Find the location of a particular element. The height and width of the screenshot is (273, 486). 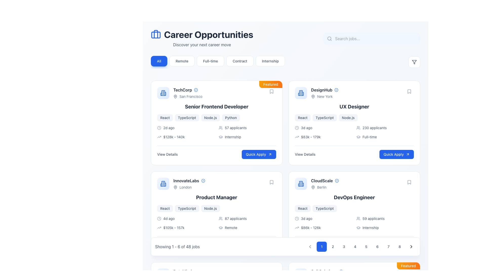

the circular button labeled '8' located in the bottom-right corner of the pagination bar is located at coordinates (399, 246).